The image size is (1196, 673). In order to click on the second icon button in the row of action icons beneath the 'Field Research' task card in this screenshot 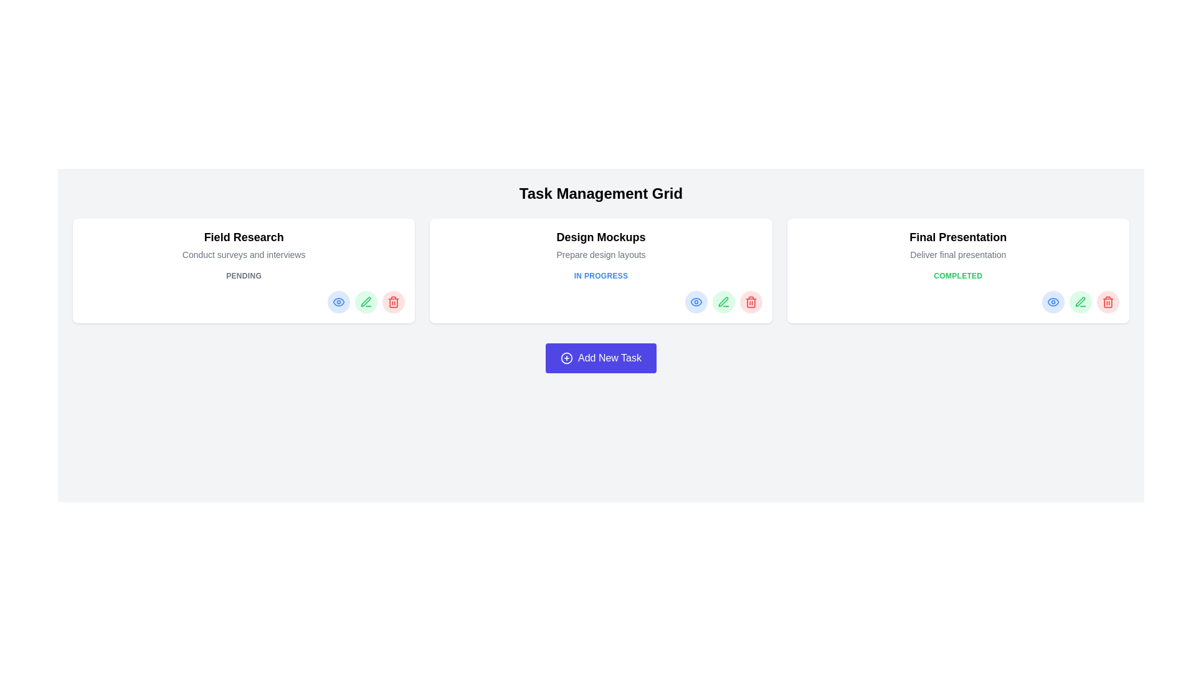, I will do `click(365, 302)`.